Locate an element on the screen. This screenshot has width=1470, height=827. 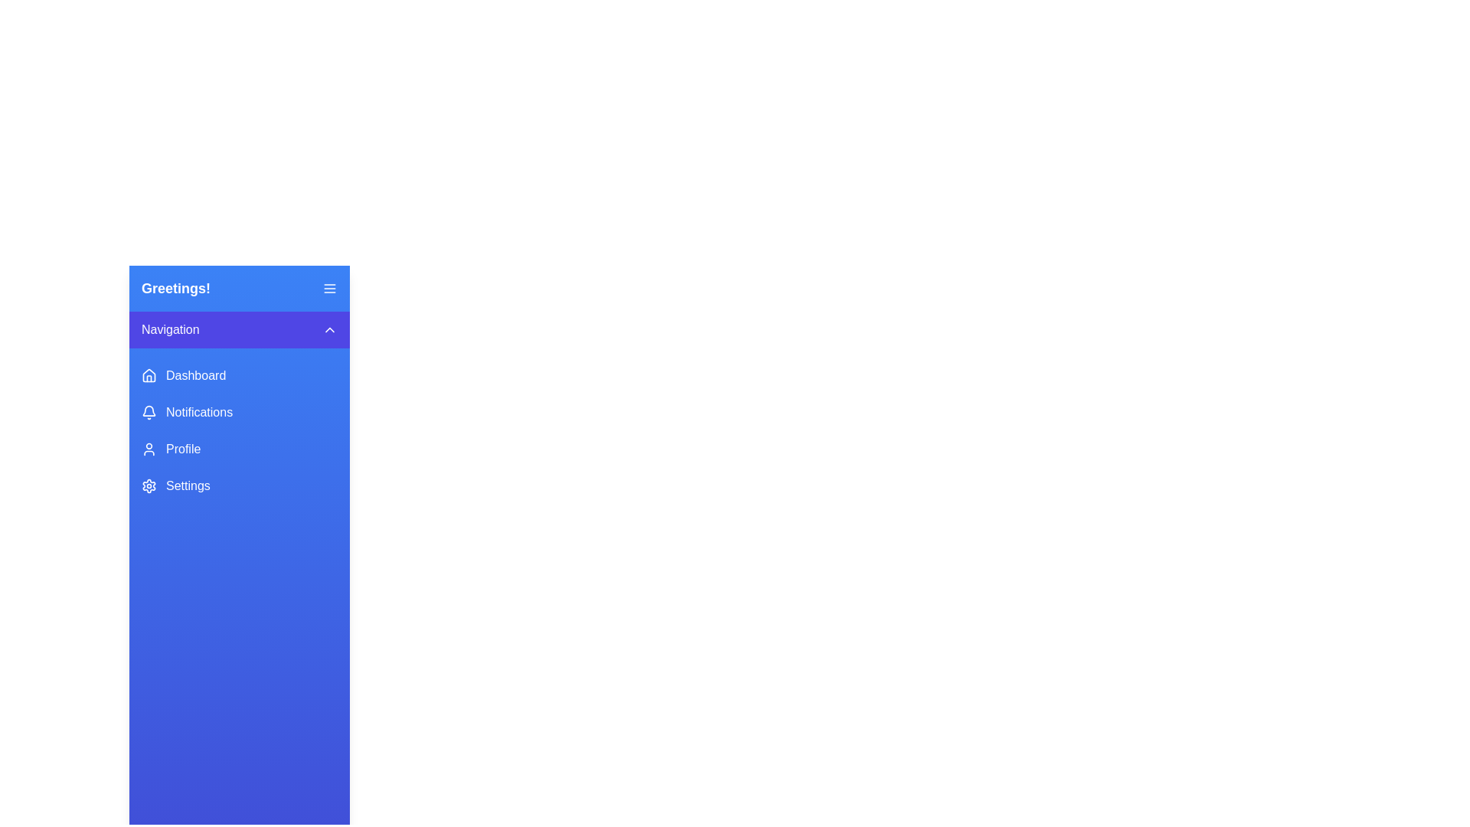
the 'Dashboard' label in the sidebar is located at coordinates (195, 375).